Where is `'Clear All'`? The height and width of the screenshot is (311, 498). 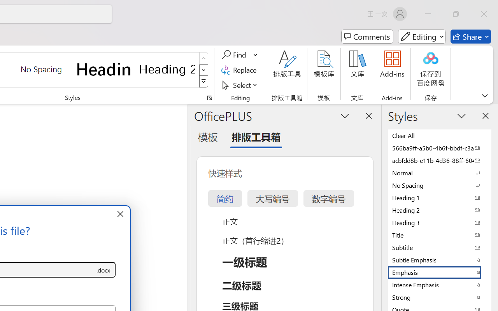
'Clear All' is located at coordinates (440, 135).